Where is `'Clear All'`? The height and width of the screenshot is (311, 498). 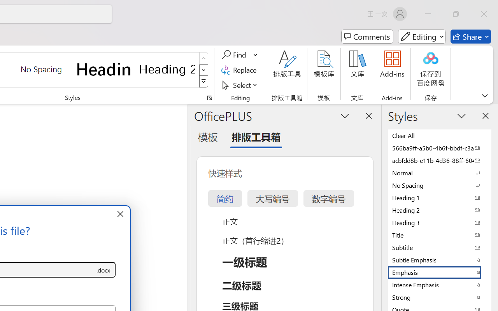
'Clear All' is located at coordinates (440, 135).